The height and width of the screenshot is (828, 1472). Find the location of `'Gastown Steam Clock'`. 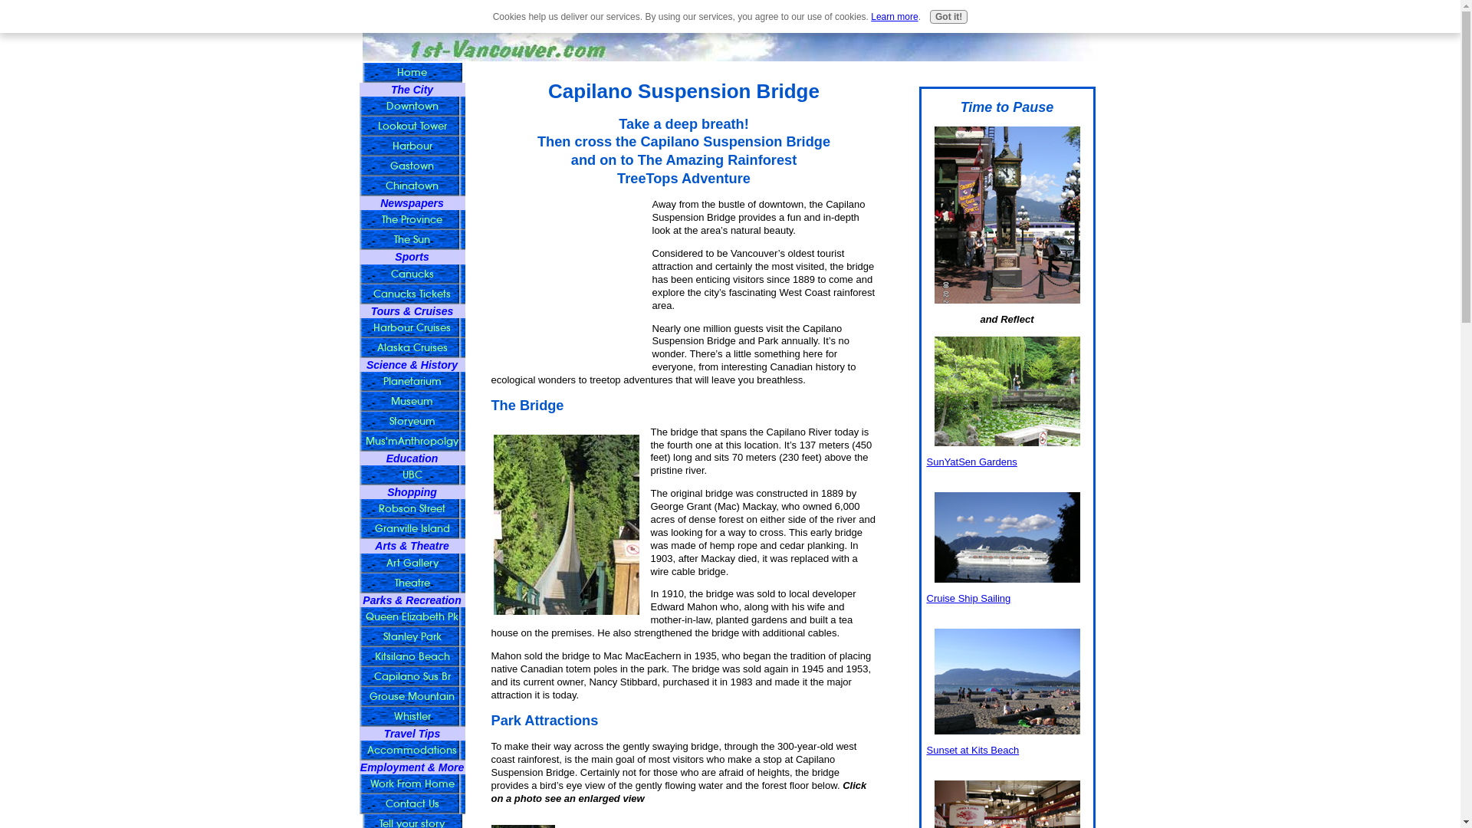

'Gastown Steam Clock' is located at coordinates (1007, 215).